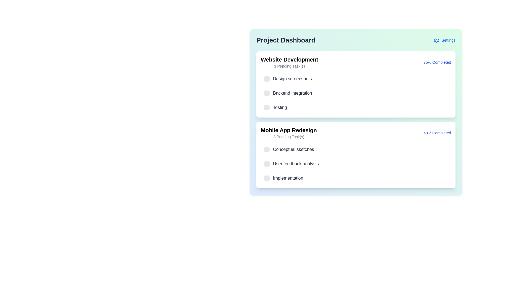 This screenshot has width=531, height=298. I want to click on the small, square-shaped checkbox with a light gray background and gray border, located before the label text in the 'User feedback analysis' list item within the 'Mobile App Redesign' section of the 'Project Dashboard' interface, so click(267, 164).